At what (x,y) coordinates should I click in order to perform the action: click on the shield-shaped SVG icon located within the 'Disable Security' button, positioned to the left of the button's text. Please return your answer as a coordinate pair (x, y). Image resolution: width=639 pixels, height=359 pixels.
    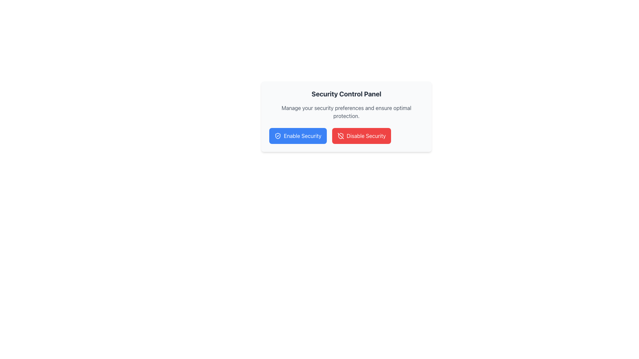
    Looking at the image, I should click on (340, 135).